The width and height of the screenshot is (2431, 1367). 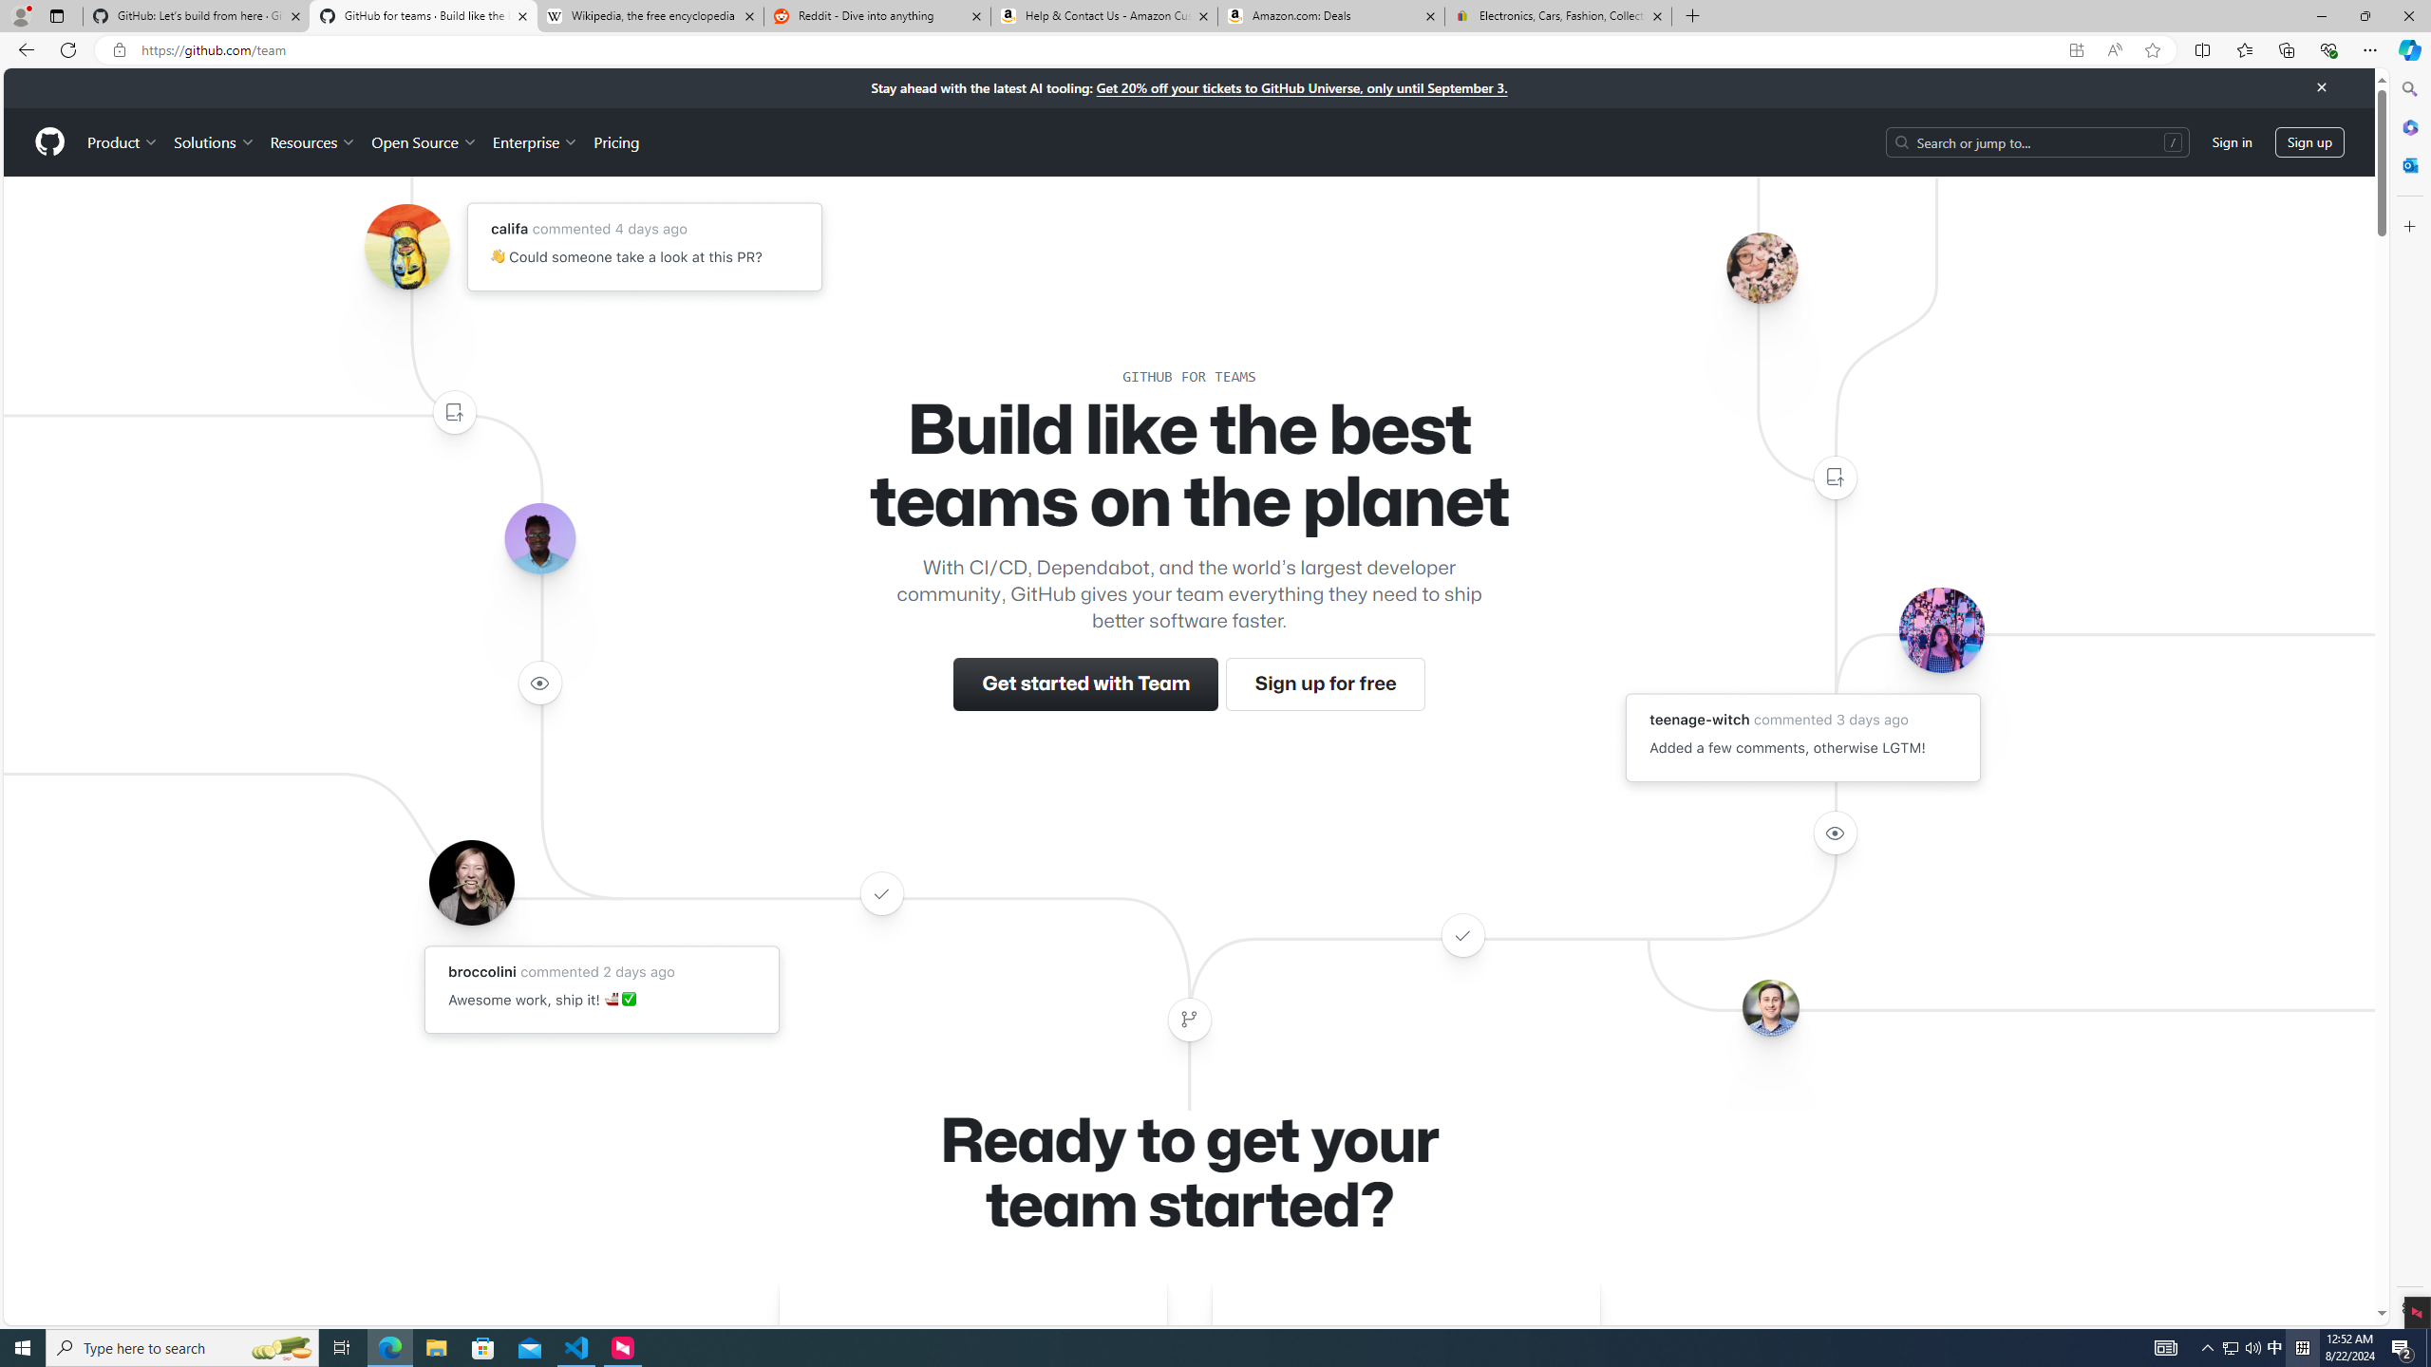 What do you see at coordinates (425, 141) in the screenshot?
I see `'Open Source'` at bounding box center [425, 141].